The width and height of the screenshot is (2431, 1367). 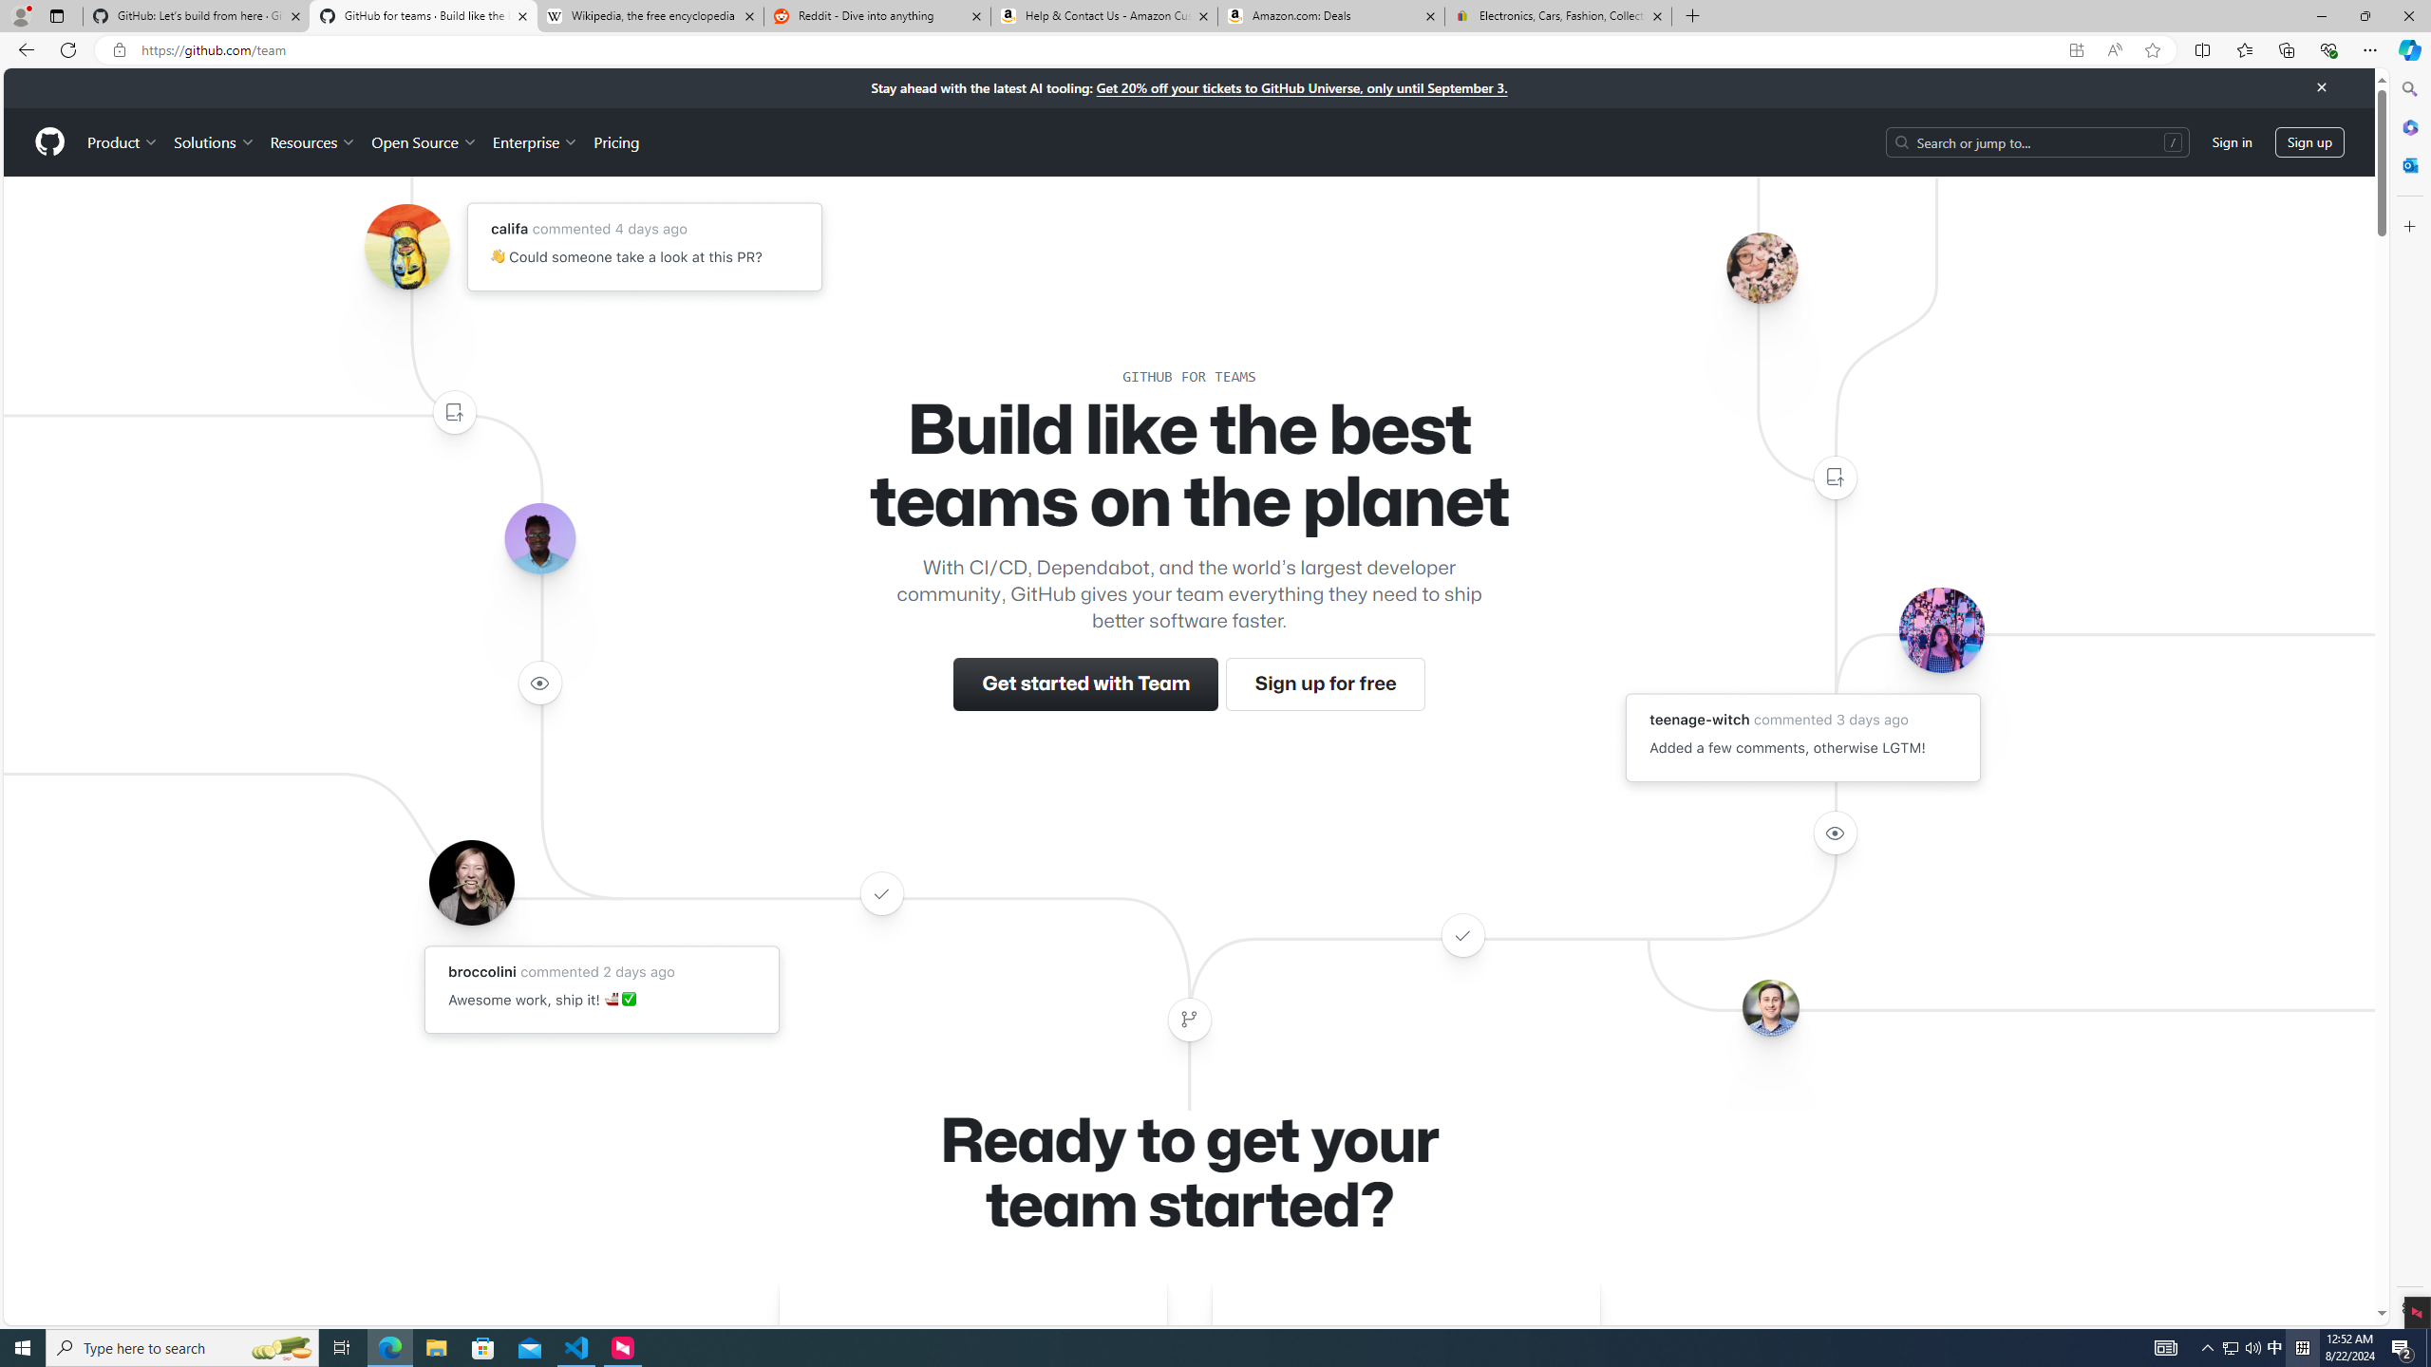 What do you see at coordinates (425, 141) in the screenshot?
I see `'Open Source'` at bounding box center [425, 141].